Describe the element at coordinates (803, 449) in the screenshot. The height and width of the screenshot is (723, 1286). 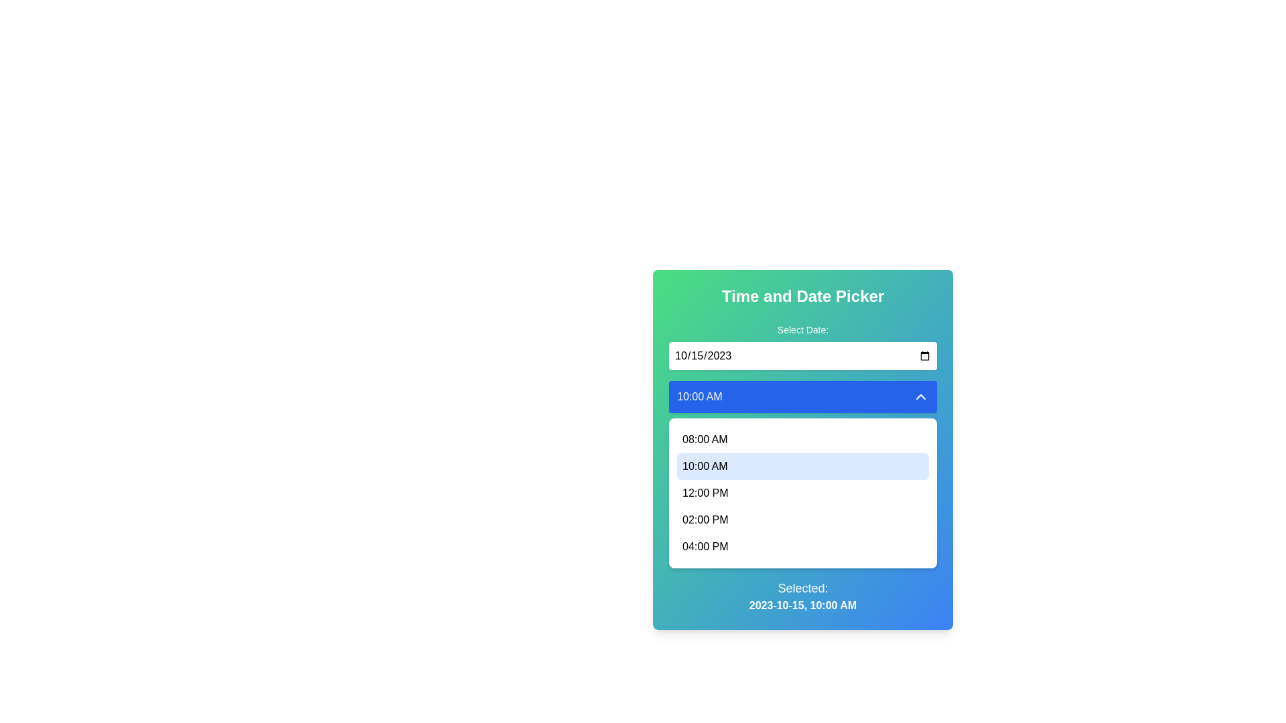
I see `the highlighted time slot '10:00 AM' in the dropdown list under the 'Time and Date Picker' section` at that location.